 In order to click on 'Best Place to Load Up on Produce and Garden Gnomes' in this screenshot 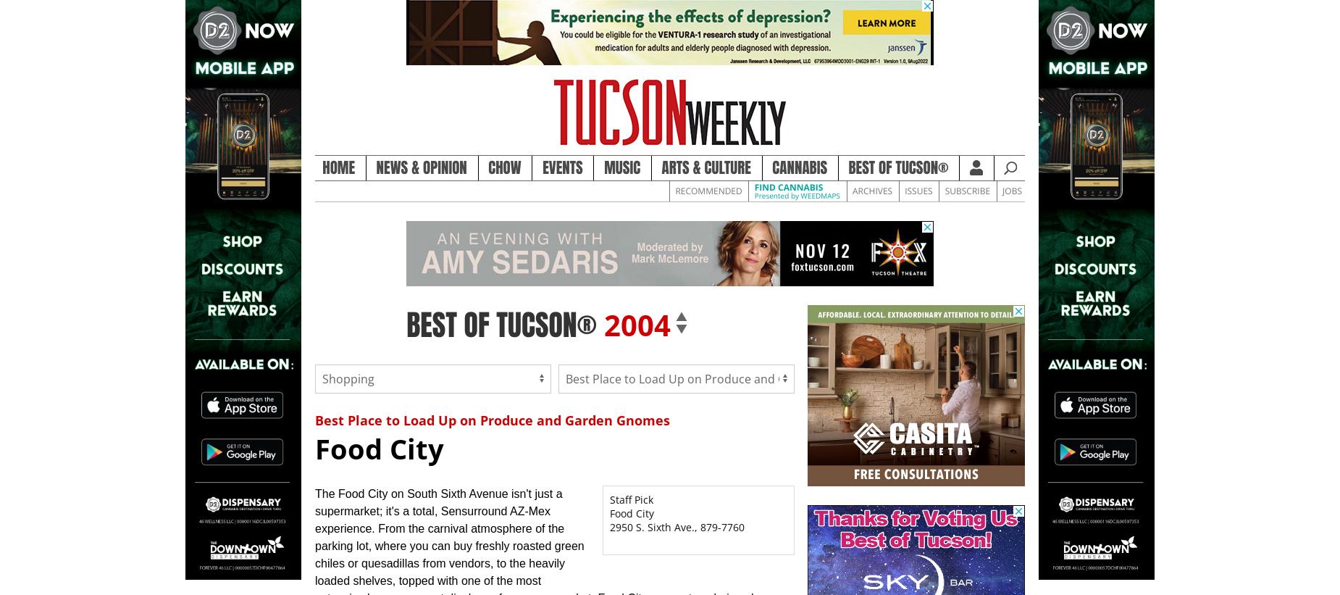, I will do `click(493, 418)`.